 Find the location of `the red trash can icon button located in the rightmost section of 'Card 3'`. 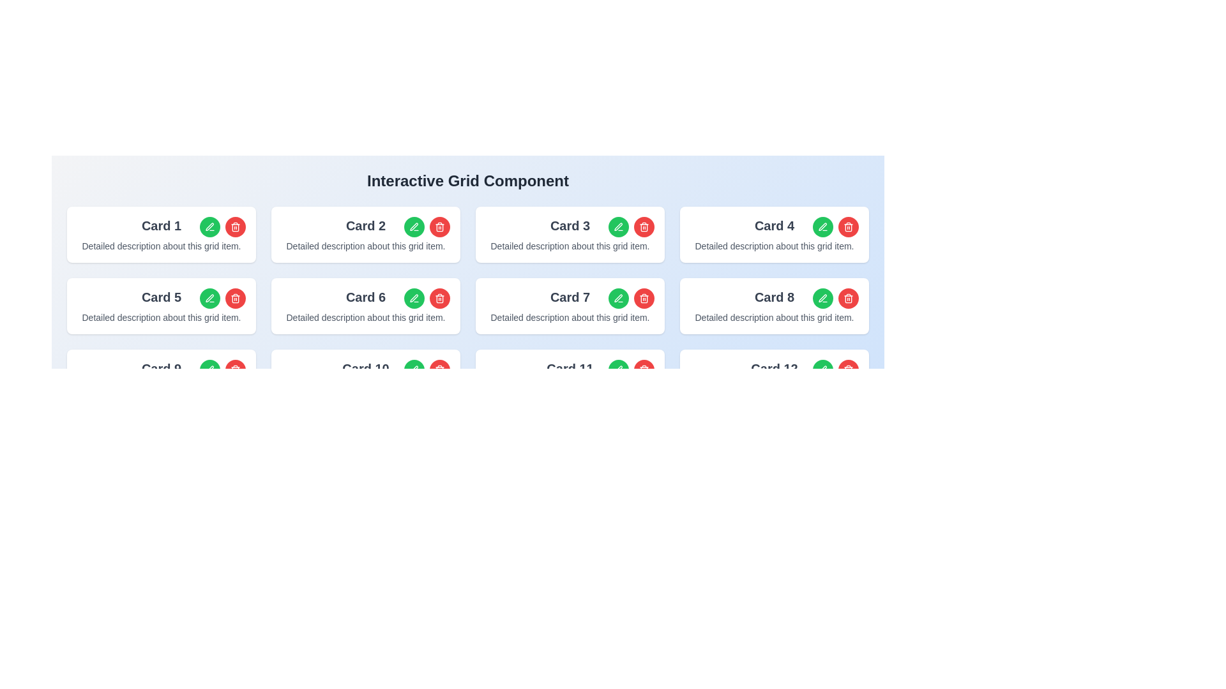

the red trash can icon button located in the rightmost section of 'Card 3' is located at coordinates (644, 226).